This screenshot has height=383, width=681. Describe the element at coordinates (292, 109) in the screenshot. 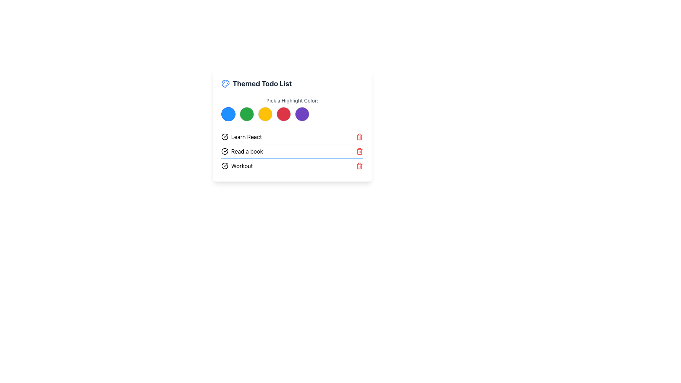

I see `the Color Picker Section` at that location.